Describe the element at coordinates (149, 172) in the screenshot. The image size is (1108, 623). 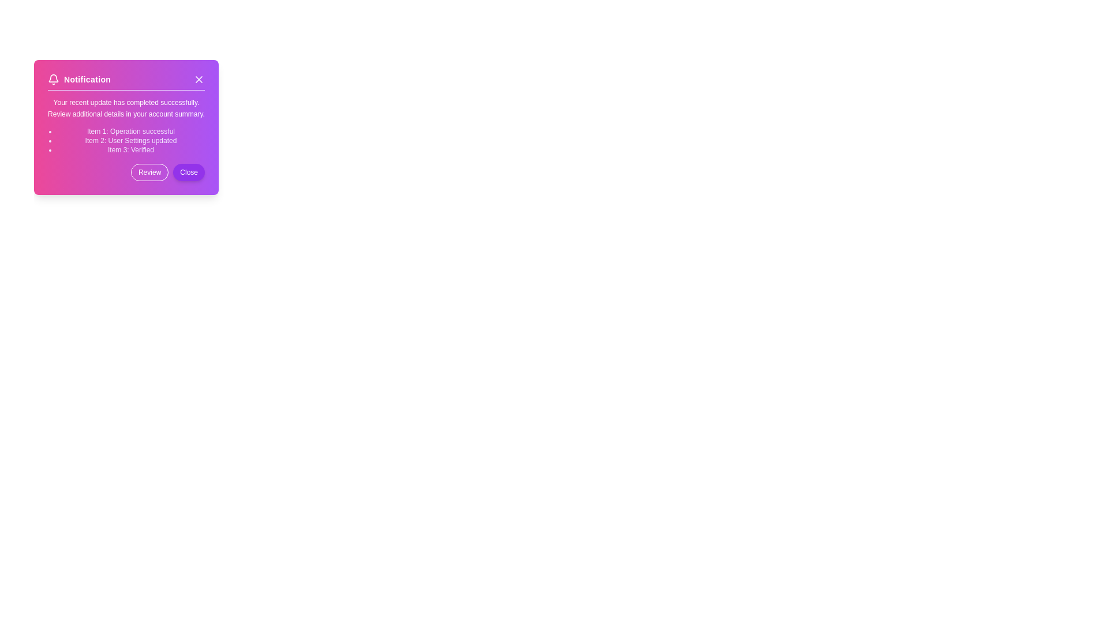
I see `the 'Review' button located in the lower right corner of the notification box to visualize its hover effect` at that location.